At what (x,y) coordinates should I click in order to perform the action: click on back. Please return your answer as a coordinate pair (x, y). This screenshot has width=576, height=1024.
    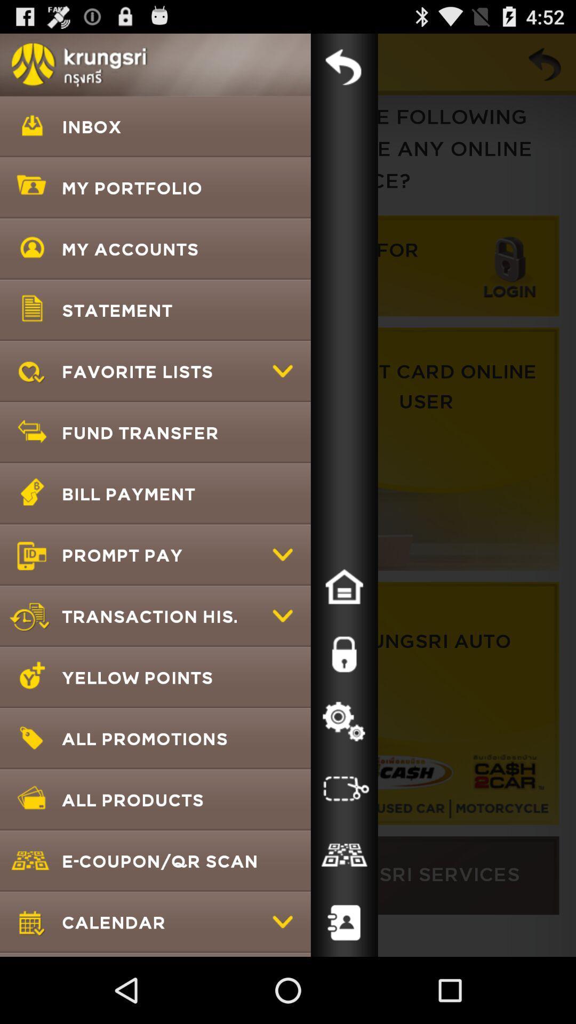
    Looking at the image, I should click on (344, 66).